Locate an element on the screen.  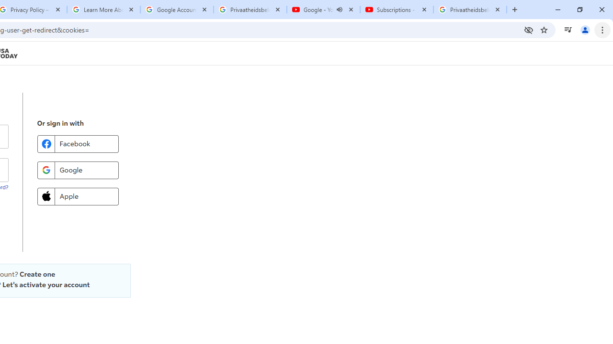
'Apple' is located at coordinates (78, 195).